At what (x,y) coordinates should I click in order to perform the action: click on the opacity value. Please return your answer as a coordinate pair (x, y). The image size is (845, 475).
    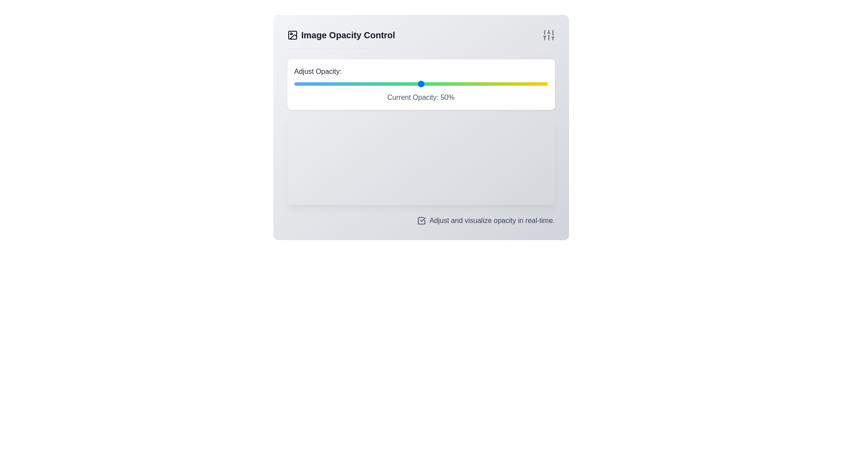
    Looking at the image, I should click on (327, 84).